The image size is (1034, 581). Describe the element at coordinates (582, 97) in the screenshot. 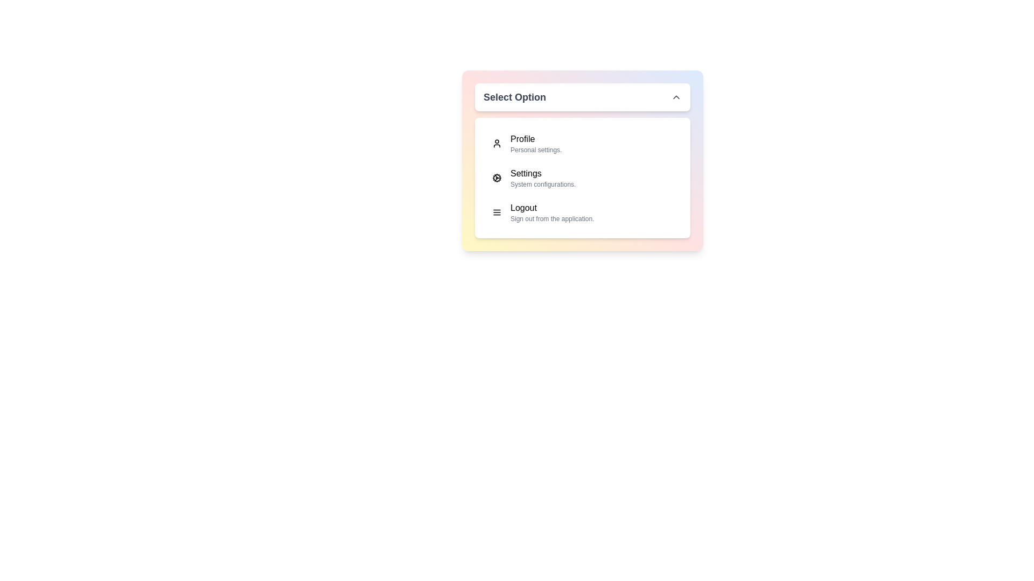

I see `the dropdown button to toggle the menu visibility` at that location.